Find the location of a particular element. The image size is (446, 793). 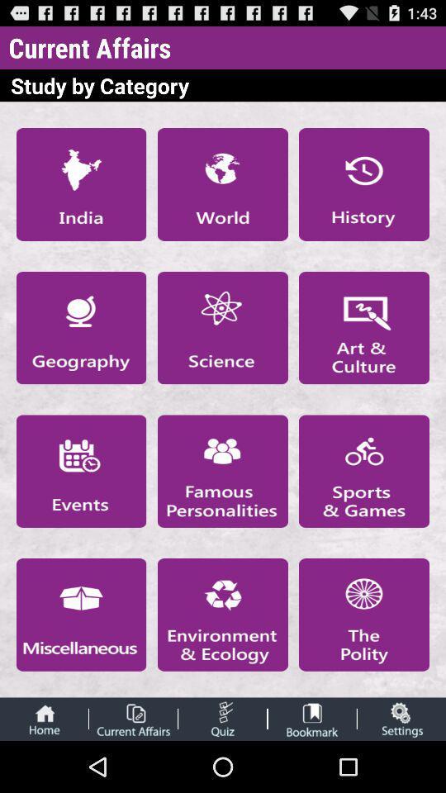

displays environment ecology as study by category when selcted is located at coordinates (222, 614).